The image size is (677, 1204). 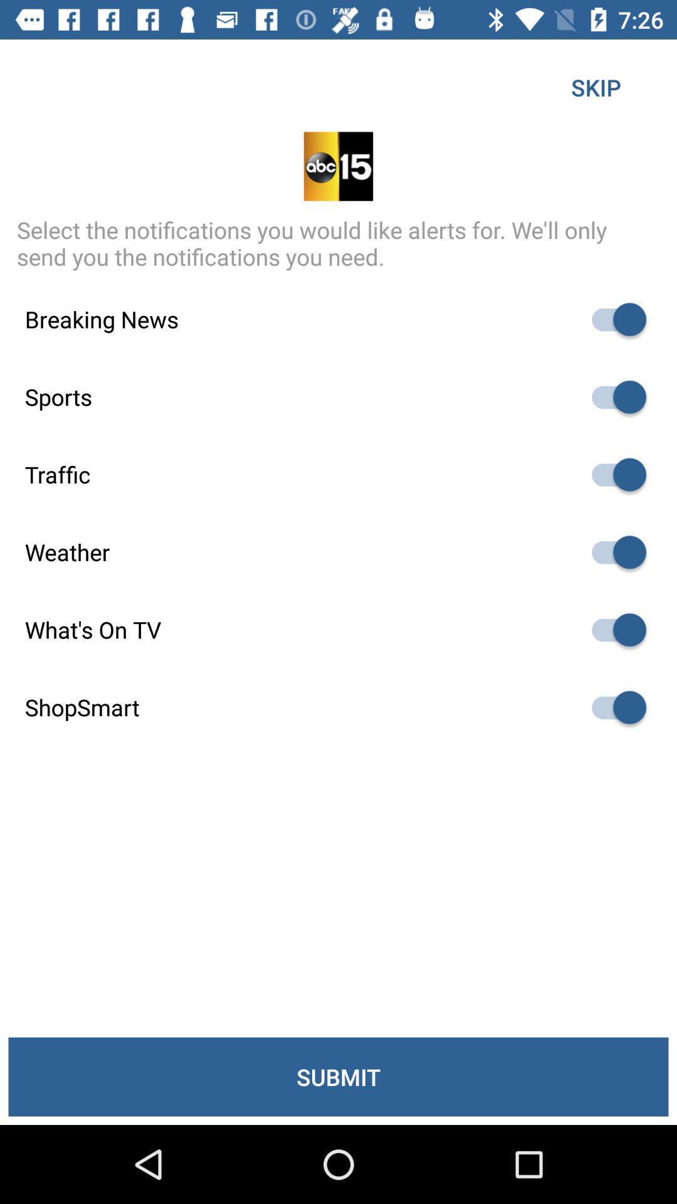 I want to click on shop smart selecting box, so click(x=612, y=707).